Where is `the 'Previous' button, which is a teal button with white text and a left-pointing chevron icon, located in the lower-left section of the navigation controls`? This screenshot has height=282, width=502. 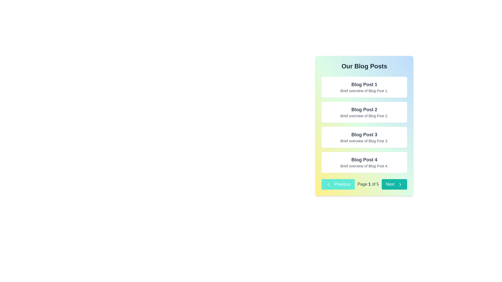 the 'Previous' button, which is a teal button with white text and a left-pointing chevron icon, located in the lower-left section of the navigation controls is located at coordinates (338, 184).